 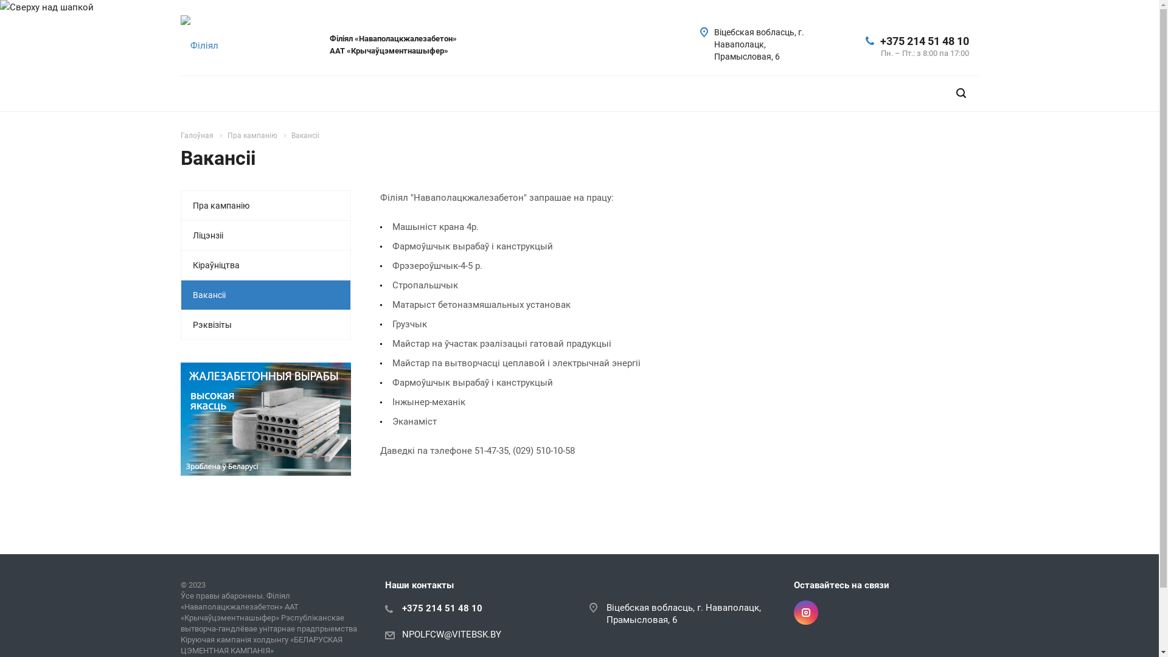 I want to click on 'NPOLFCW@VITEBSK.BY', so click(x=401, y=633).